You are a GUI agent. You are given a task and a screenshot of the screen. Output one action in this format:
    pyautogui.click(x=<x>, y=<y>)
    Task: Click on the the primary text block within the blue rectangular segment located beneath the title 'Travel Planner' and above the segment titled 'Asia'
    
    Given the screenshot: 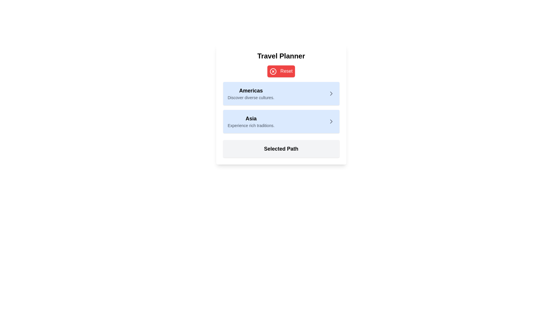 What is the action you would take?
    pyautogui.click(x=251, y=93)
    